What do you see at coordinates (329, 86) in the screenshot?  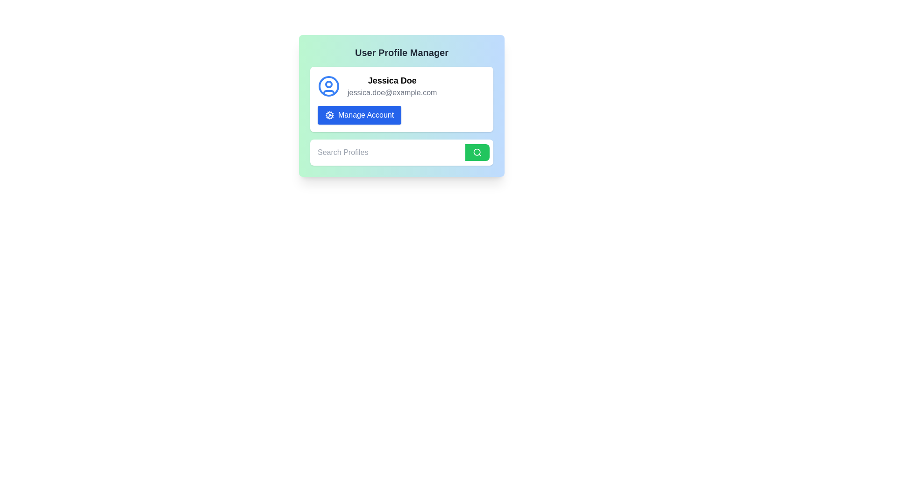 I see `SVG graphic circle element that represents the profile icon above the text labeled 'Jessica Doe' in the user profile card` at bounding box center [329, 86].